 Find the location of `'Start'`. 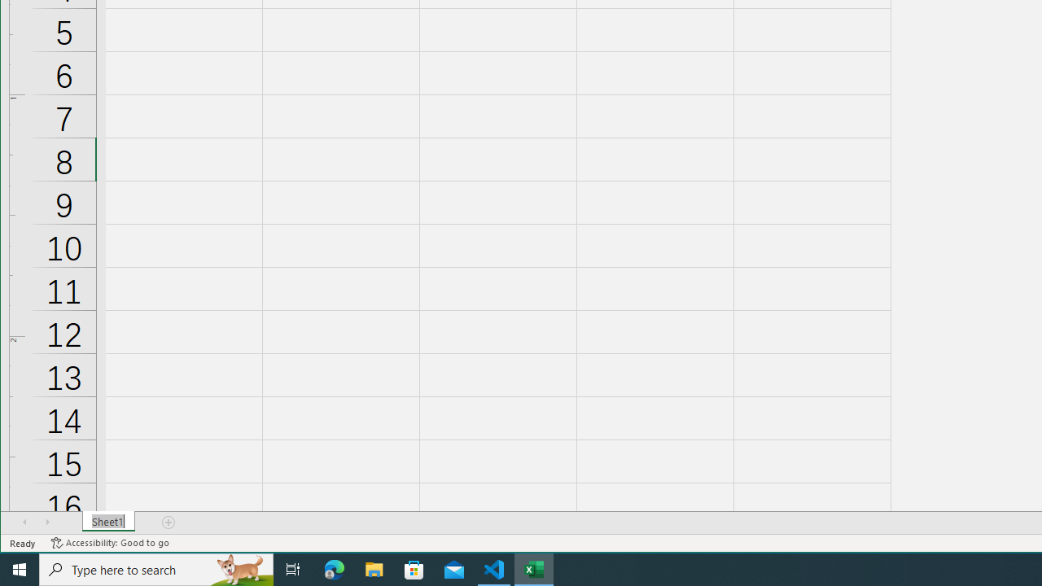

'Start' is located at coordinates (20, 568).